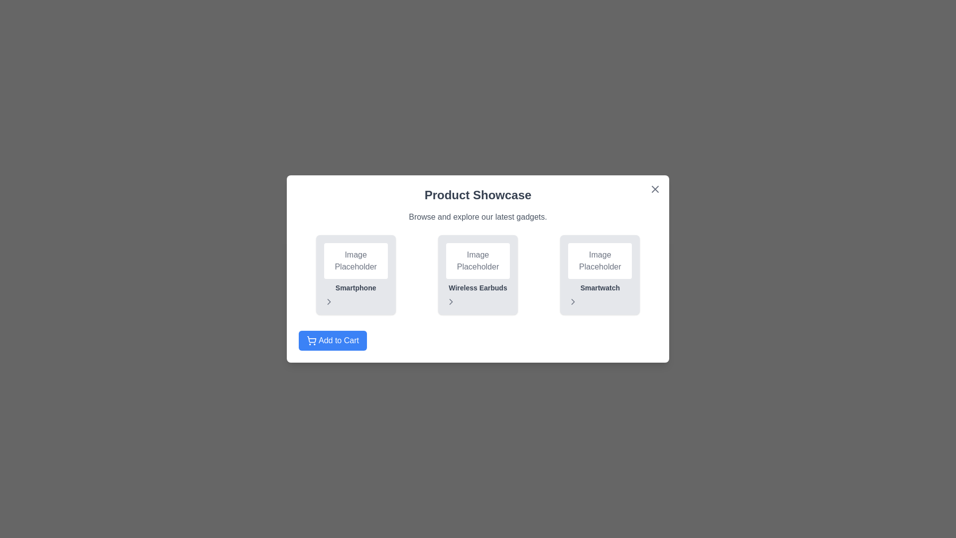  Describe the element at coordinates (356, 261) in the screenshot. I see `the 'Image Placeholder' text, which is styled in gray and located in the upper section of the first card labeled 'Smartphone'` at that location.